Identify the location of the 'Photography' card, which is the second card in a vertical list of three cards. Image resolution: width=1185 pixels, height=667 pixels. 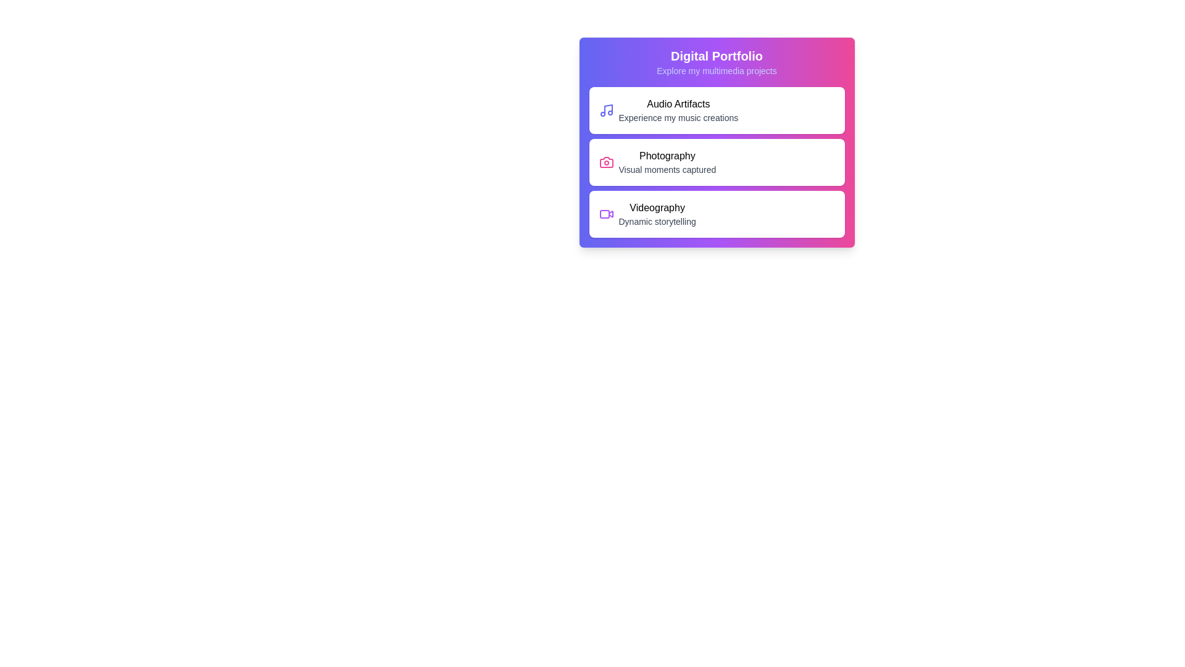
(717, 161).